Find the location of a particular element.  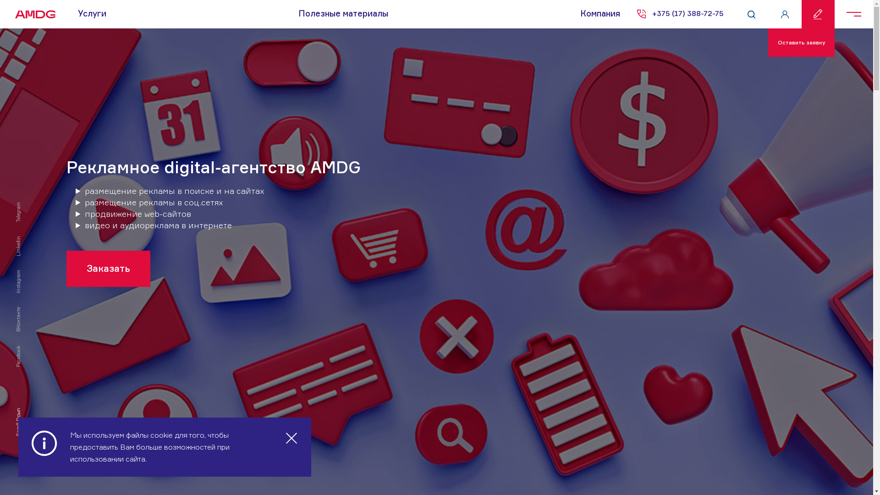

'Instagram' is located at coordinates (27, 273).